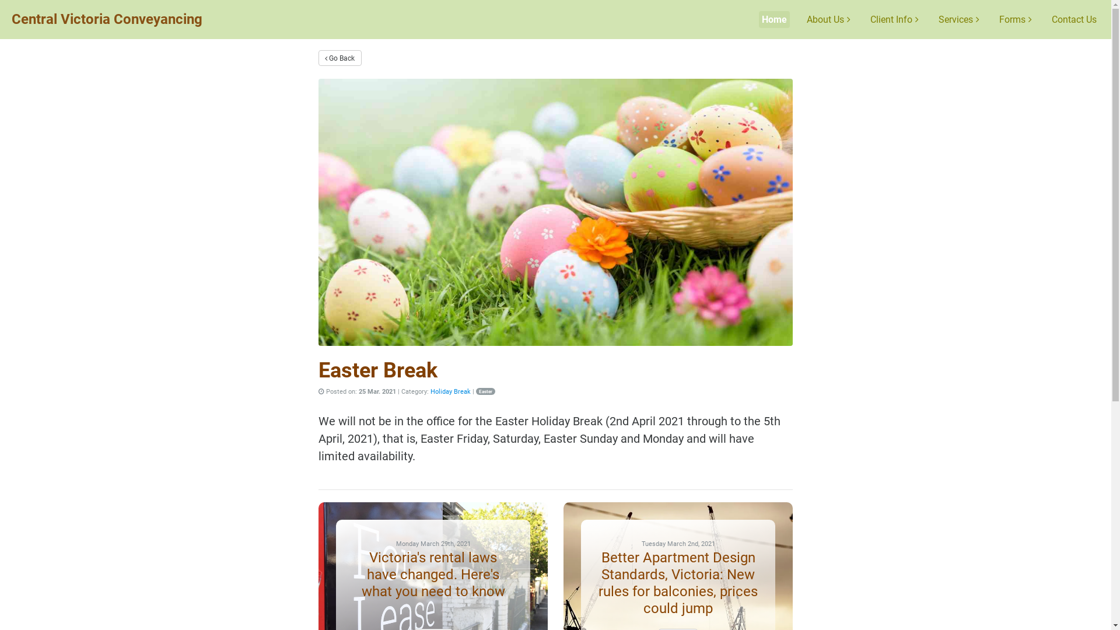  Describe the element at coordinates (11, 19) in the screenshot. I see `'Central Victoria Conveyancing'` at that location.